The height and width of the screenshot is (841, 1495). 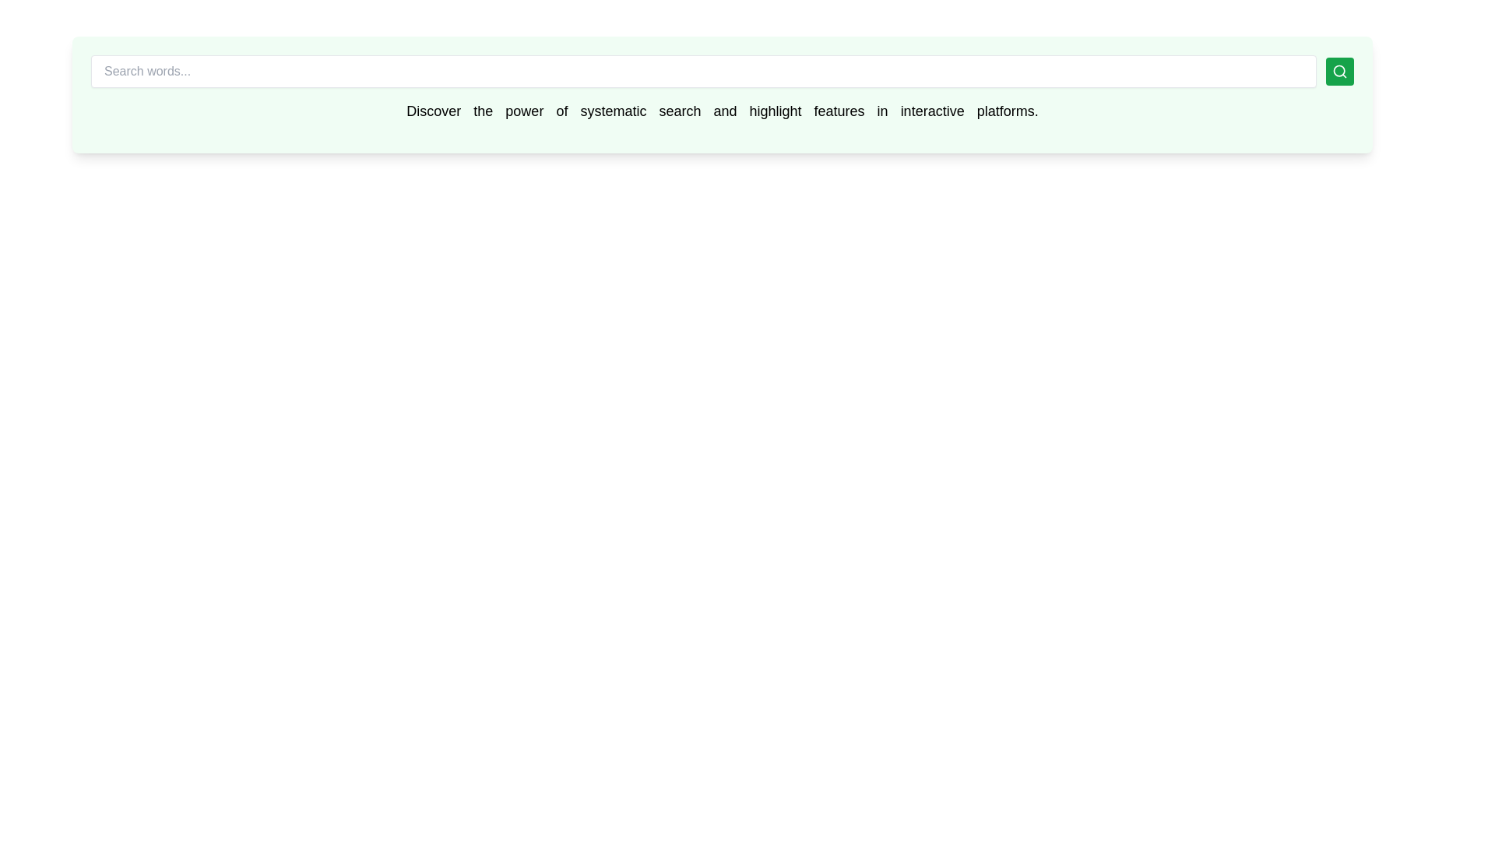 I want to click on the text element displaying 'search', which is the sixth word in a horizontally aligned sentence, styled with a hover effect that changes its background to green, so click(x=680, y=110).